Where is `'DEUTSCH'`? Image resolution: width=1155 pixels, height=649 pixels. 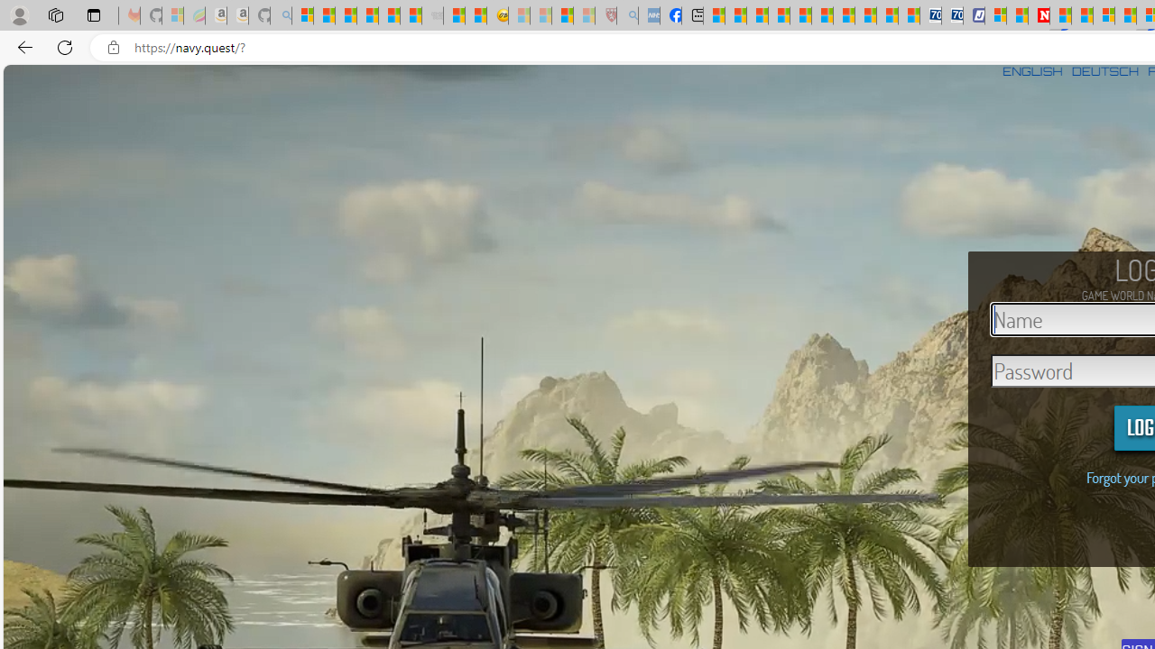
'DEUTSCH' is located at coordinates (1104, 70).